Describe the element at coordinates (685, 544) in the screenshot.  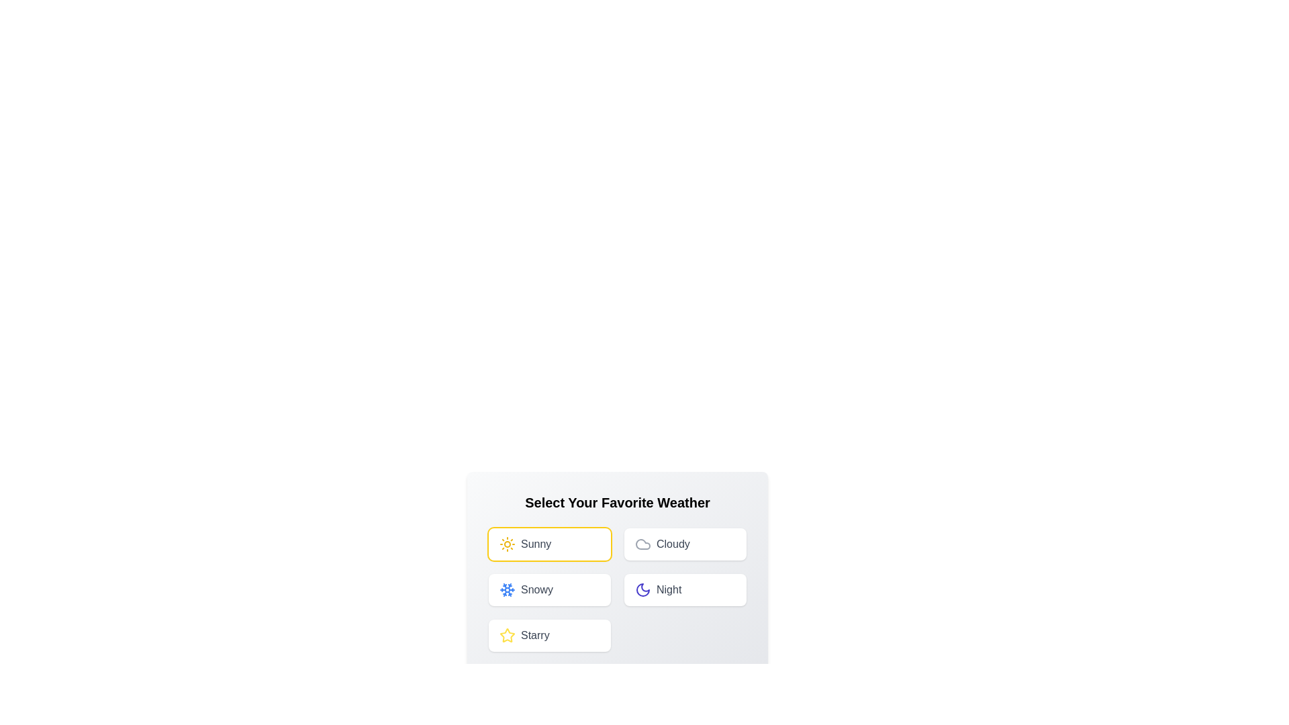
I see `the 'Cloudy' button, which is a rounded rectangular button with a cloud icon and gray text, to trigger the hover effect` at that location.